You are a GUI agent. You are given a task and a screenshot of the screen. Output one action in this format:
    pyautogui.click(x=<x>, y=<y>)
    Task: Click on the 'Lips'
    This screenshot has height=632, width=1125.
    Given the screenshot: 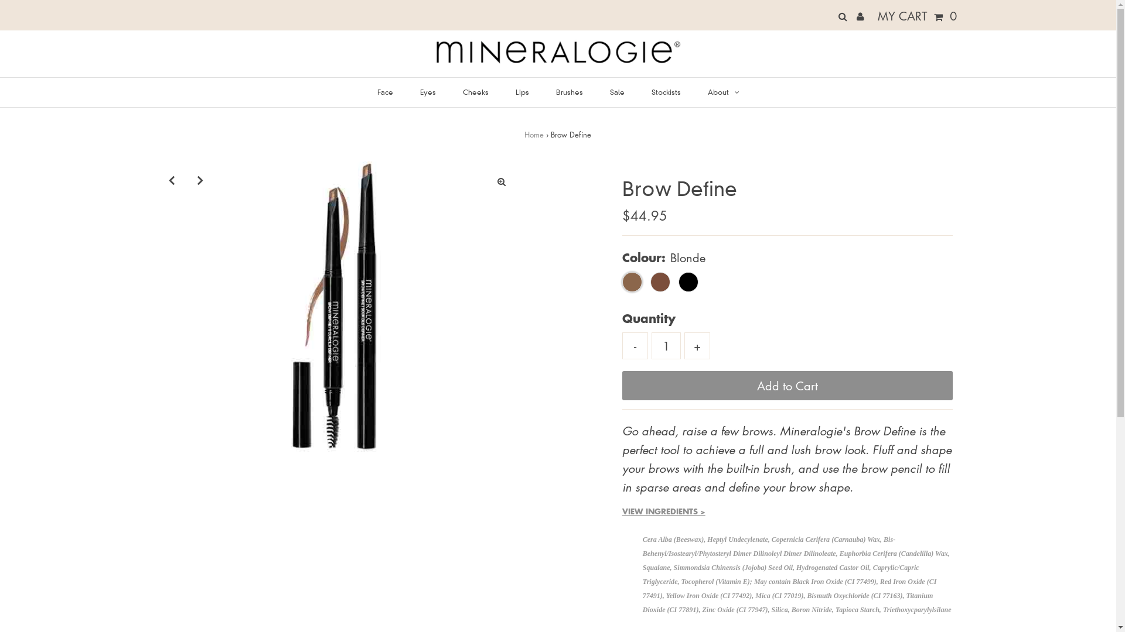 What is the action you would take?
    pyautogui.click(x=521, y=92)
    